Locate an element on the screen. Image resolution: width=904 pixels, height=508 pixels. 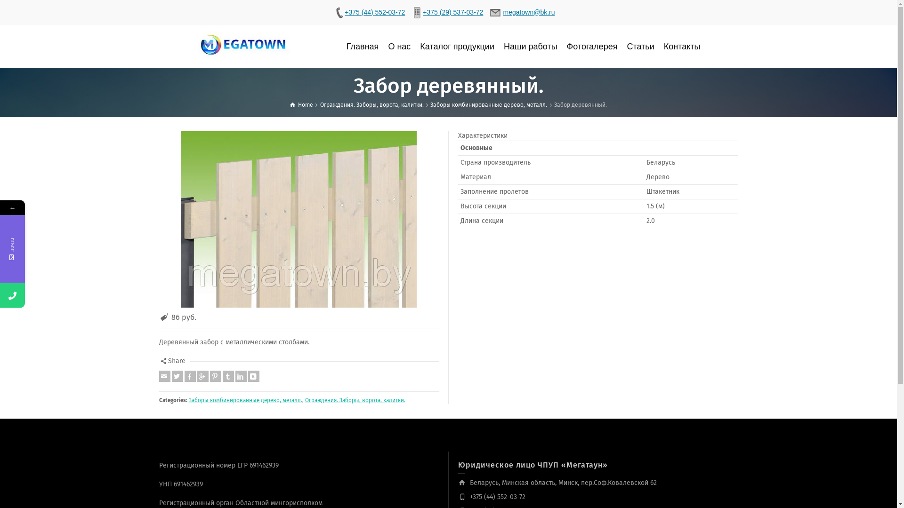
'Vkontakte' is located at coordinates (253, 375).